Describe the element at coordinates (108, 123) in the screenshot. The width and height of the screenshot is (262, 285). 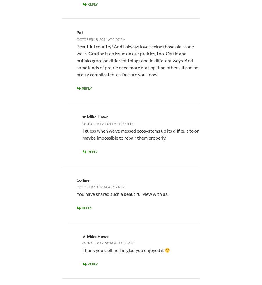
I see `'October 19, 2014 at 12:00 pm'` at that location.